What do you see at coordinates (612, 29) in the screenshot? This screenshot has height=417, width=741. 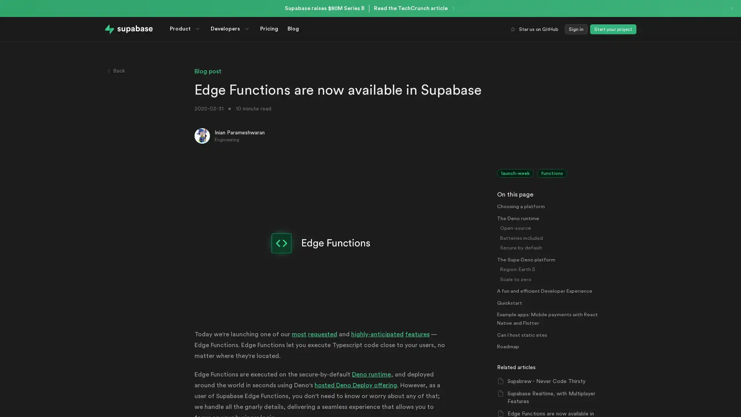 I see `Start your project` at bounding box center [612, 29].